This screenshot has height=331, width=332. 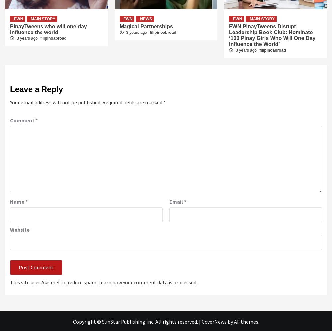 I want to click on 'CoverNews', so click(x=201, y=321).